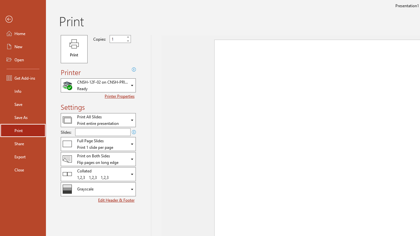  What do you see at coordinates (23, 157) in the screenshot?
I see `'Export'` at bounding box center [23, 157].